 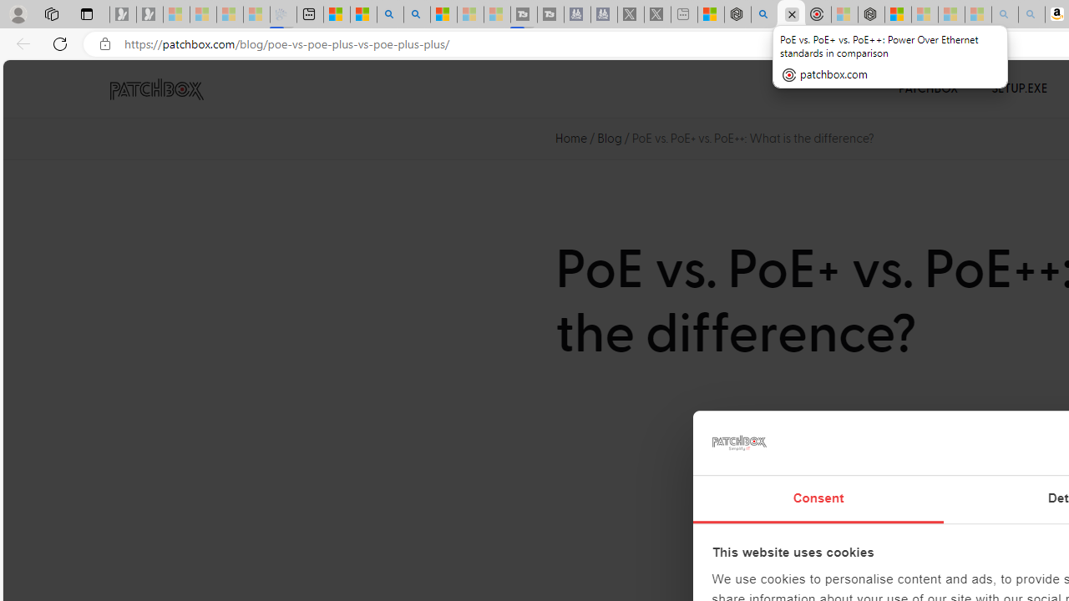 What do you see at coordinates (167, 88) in the screenshot?
I see `'PATCHBOX Simplify IT'` at bounding box center [167, 88].